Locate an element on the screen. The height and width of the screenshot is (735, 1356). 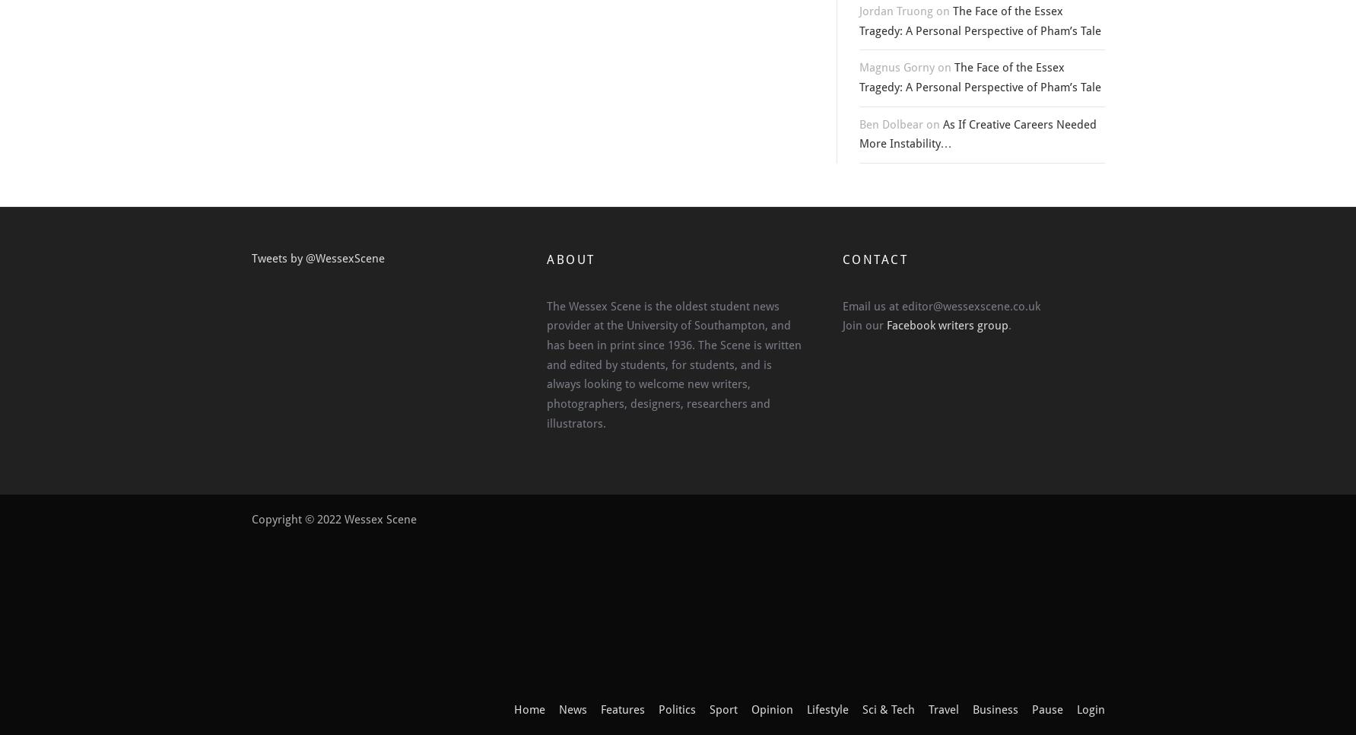
'As If Creative Careers Needed More Instability…' is located at coordinates (977, 134).